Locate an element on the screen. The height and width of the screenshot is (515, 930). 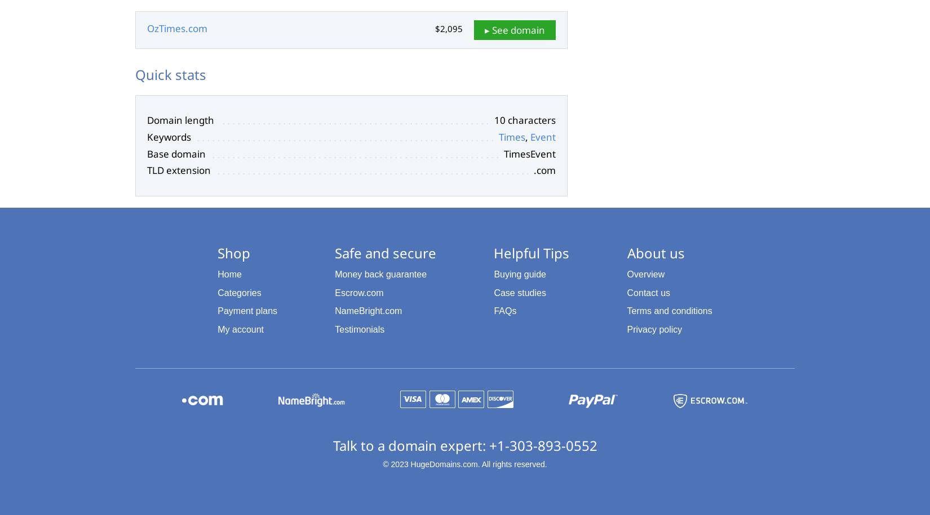
'Categories' is located at coordinates (238, 292).